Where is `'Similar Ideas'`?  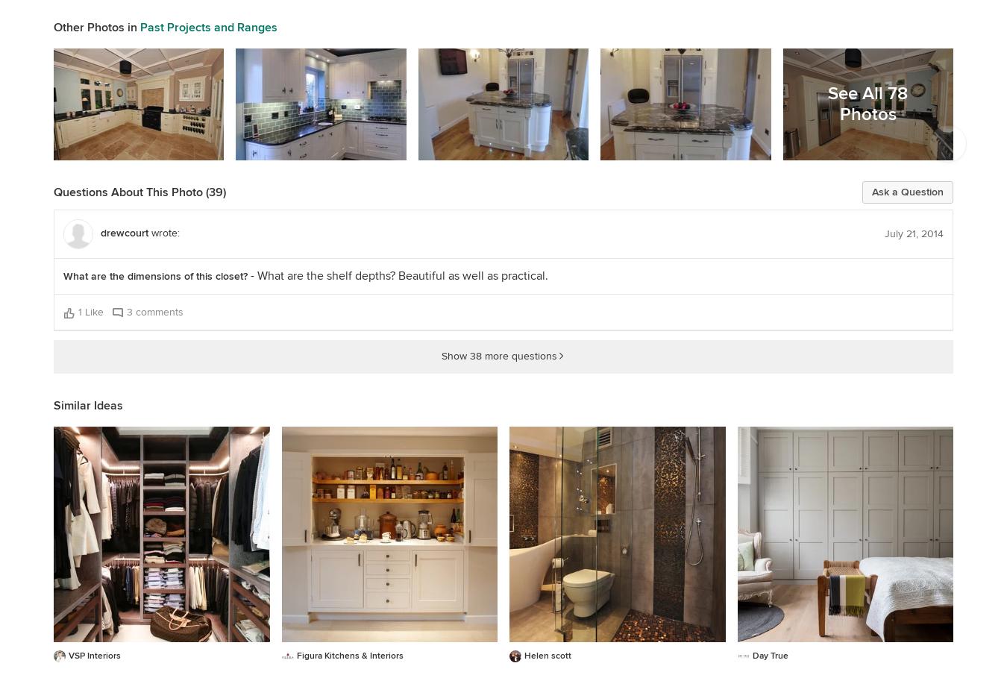
'Similar Ideas' is located at coordinates (88, 404).